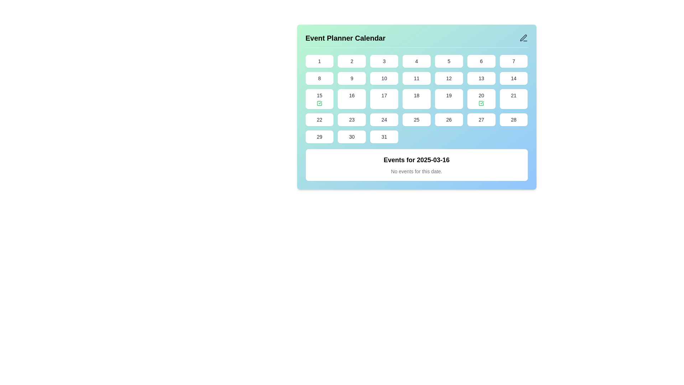 The image size is (684, 385). What do you see at coordinates (352, 119) in the screenshot?
I see `the calendar date button displaying the number '23'` at bounding box center [352, 119].